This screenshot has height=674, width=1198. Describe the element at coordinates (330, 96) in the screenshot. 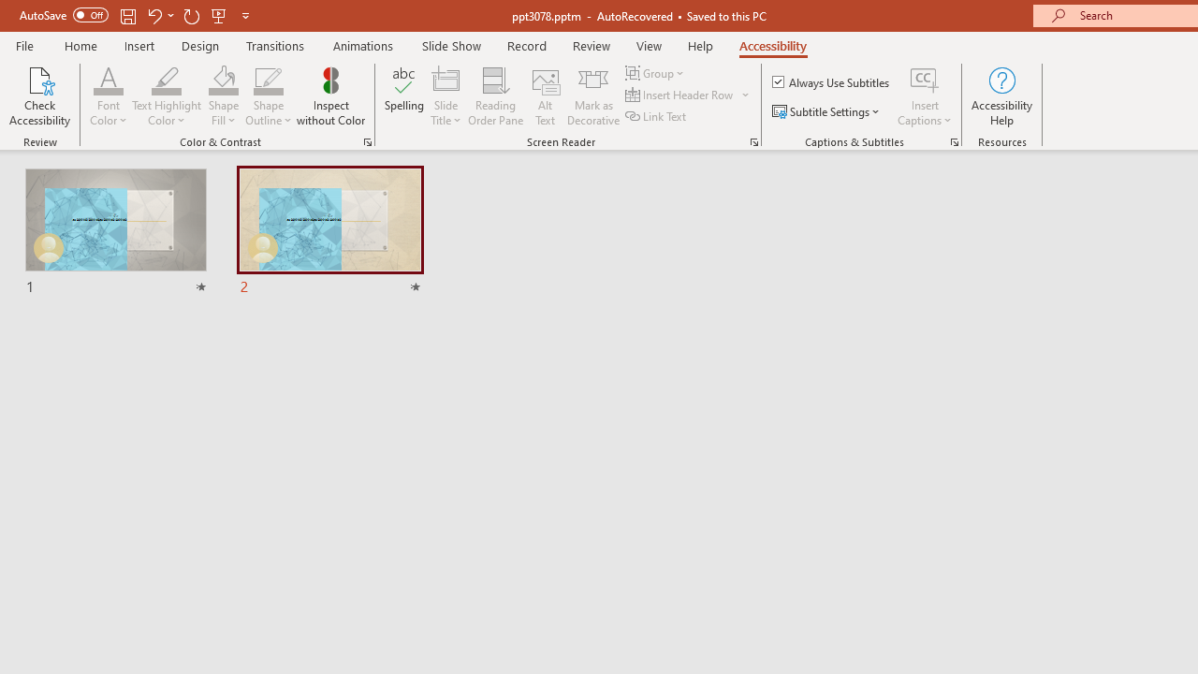

I see `'Inspect without Color'` at that location.